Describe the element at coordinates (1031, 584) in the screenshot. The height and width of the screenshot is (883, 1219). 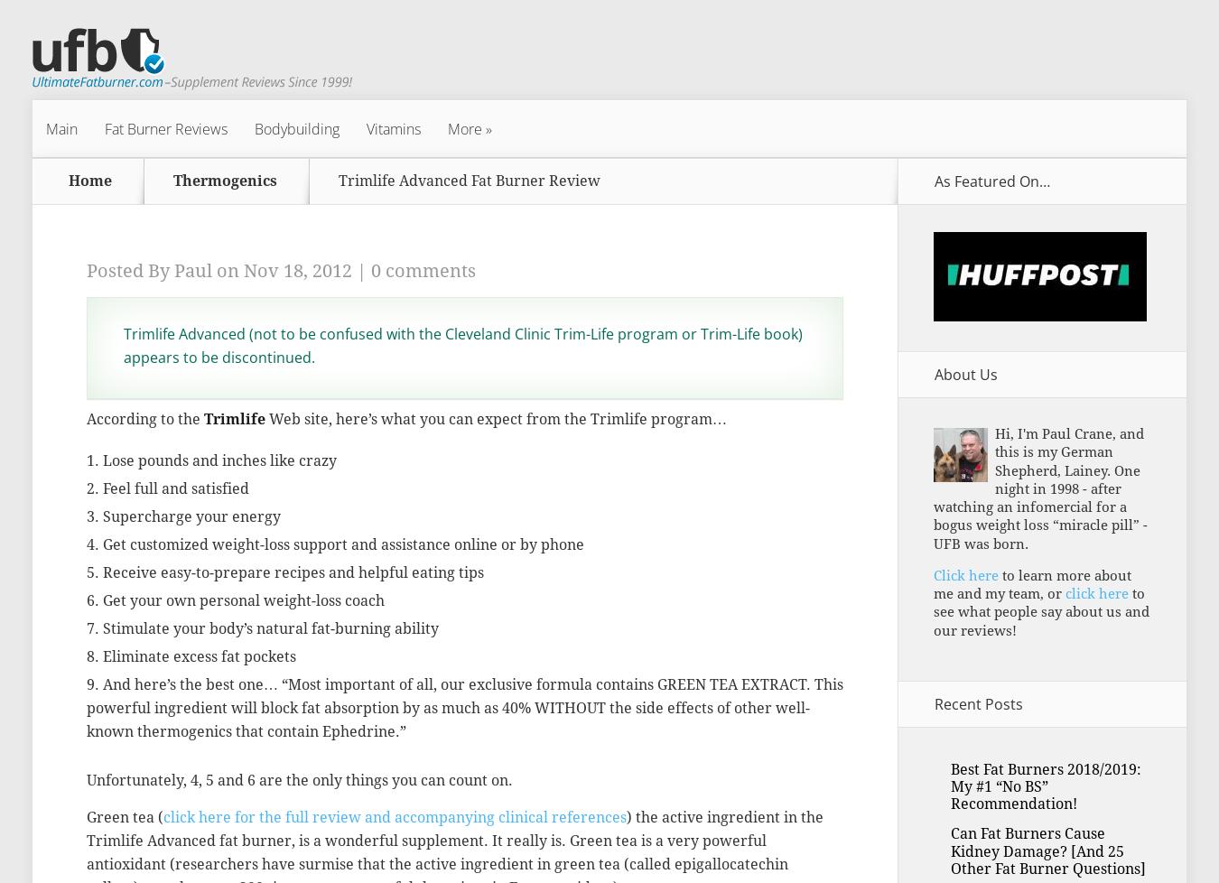
I see `'to learn more about me and my team, or'` at that location.